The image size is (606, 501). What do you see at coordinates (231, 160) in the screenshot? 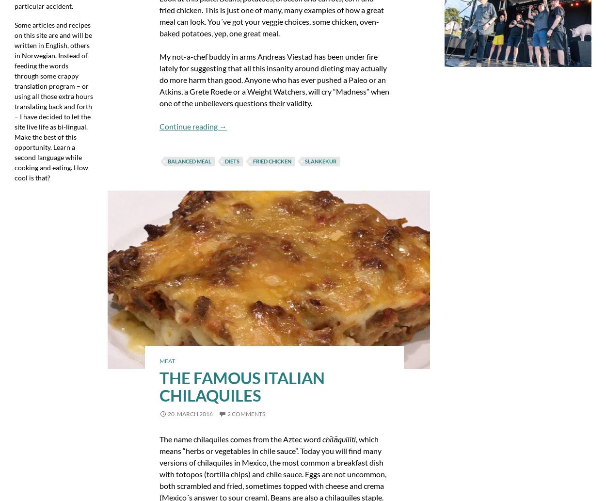
I see `'diets'` at bounding box center [231, 160].